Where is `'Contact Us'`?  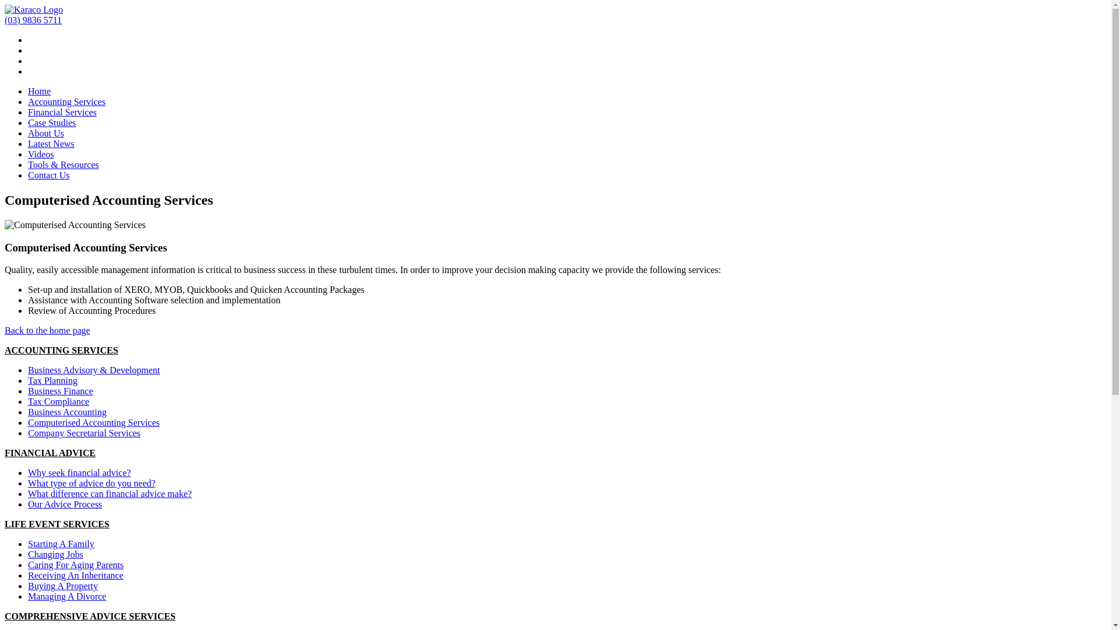
'Contact Us' is located at coordinates (48, 175).